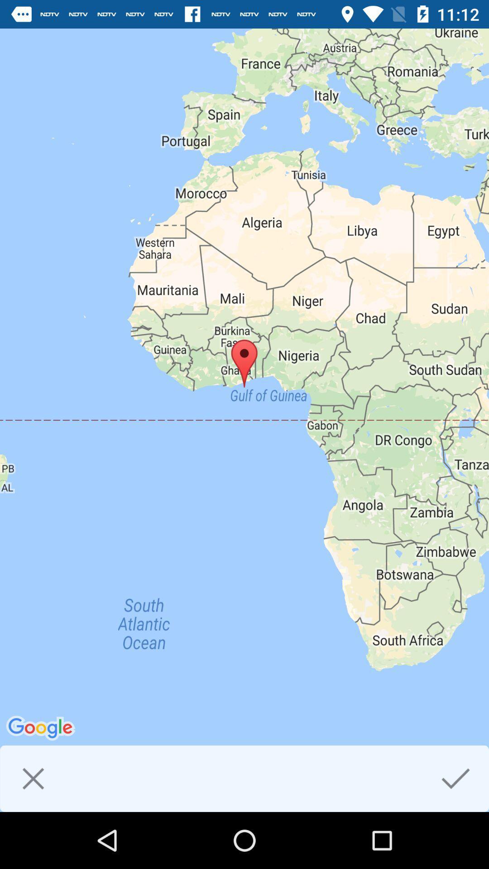  I want to click on the close icon, so click(33, 778).